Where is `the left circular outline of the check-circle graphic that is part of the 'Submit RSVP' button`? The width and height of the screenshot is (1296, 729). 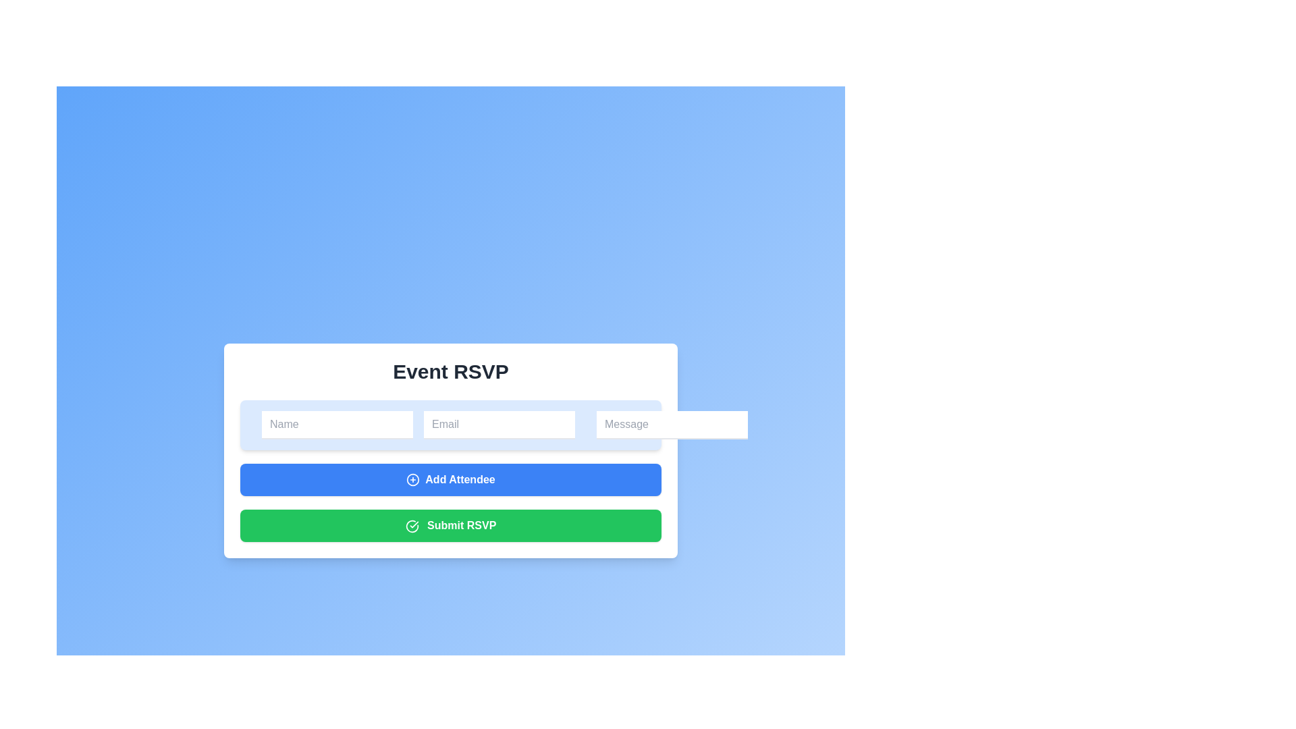
the left circular outline of the check-circle graphic that is part of the 'Submit RSVP' button is located at coordinates (411, 525).